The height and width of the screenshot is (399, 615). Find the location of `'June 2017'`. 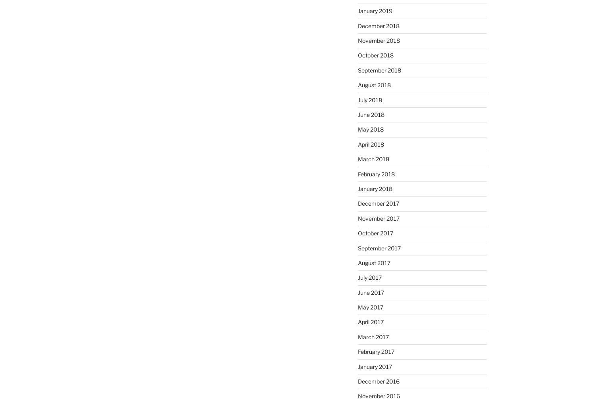

'June 2017' is located at coordinates (357, 292).